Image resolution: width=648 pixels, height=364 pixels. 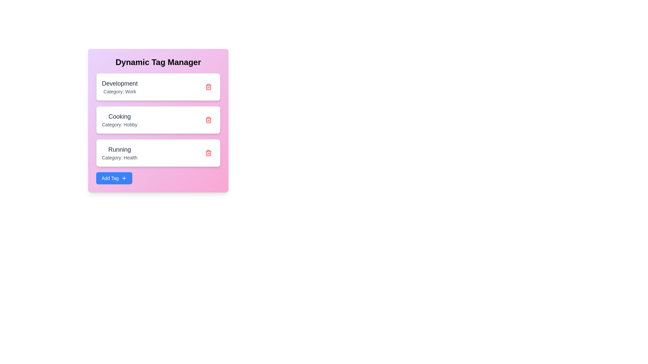 I want to click on the 'Add Tag' button to add a new tag, so click(x=114, y=178).